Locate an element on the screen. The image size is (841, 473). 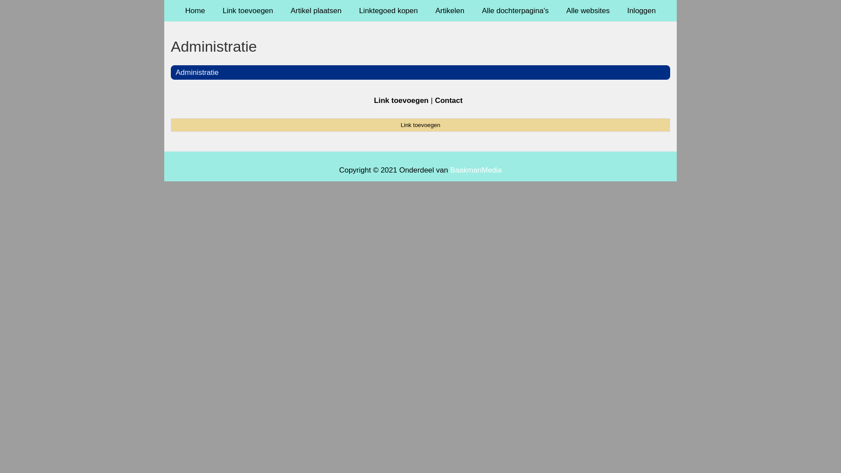
'Home' is located at coordinates (194, 11).